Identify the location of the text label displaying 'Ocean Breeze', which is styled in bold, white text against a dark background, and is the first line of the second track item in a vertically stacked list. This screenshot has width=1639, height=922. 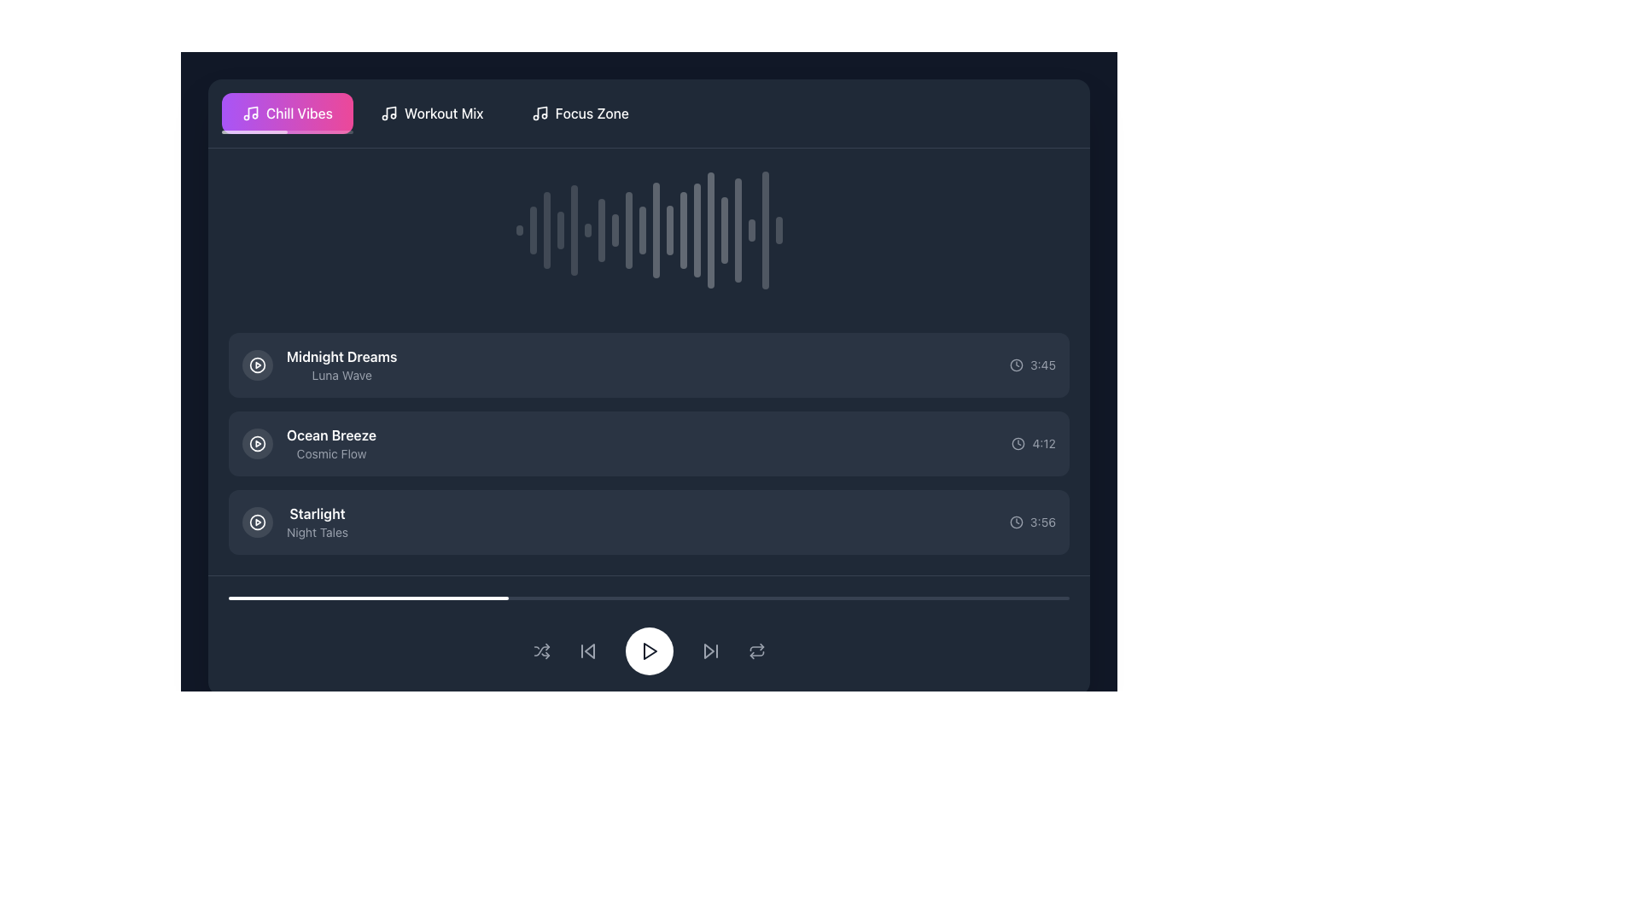
(331, 434).